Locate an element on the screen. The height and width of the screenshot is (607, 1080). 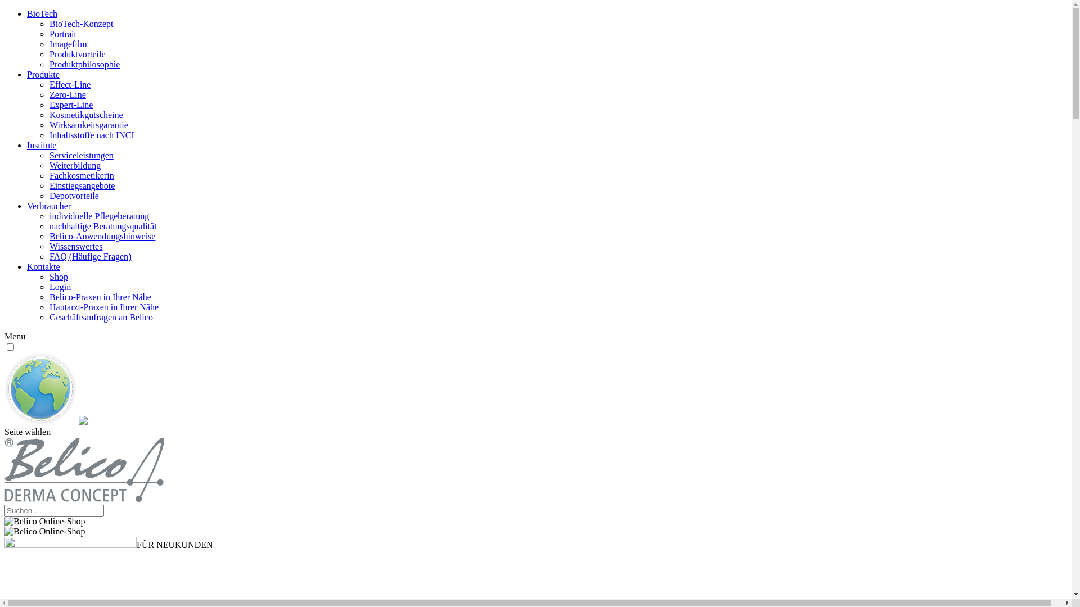
'Produktvorteile' is located at coordinates (48, 54).